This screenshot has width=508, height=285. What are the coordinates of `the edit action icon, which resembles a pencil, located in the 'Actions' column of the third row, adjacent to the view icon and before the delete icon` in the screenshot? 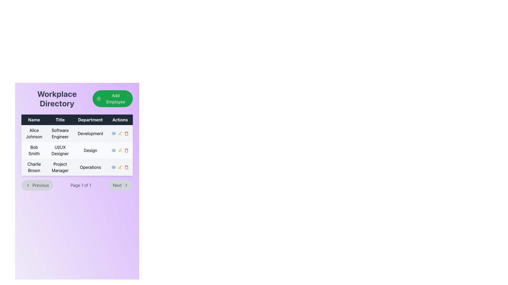 It's located at (120, 133).